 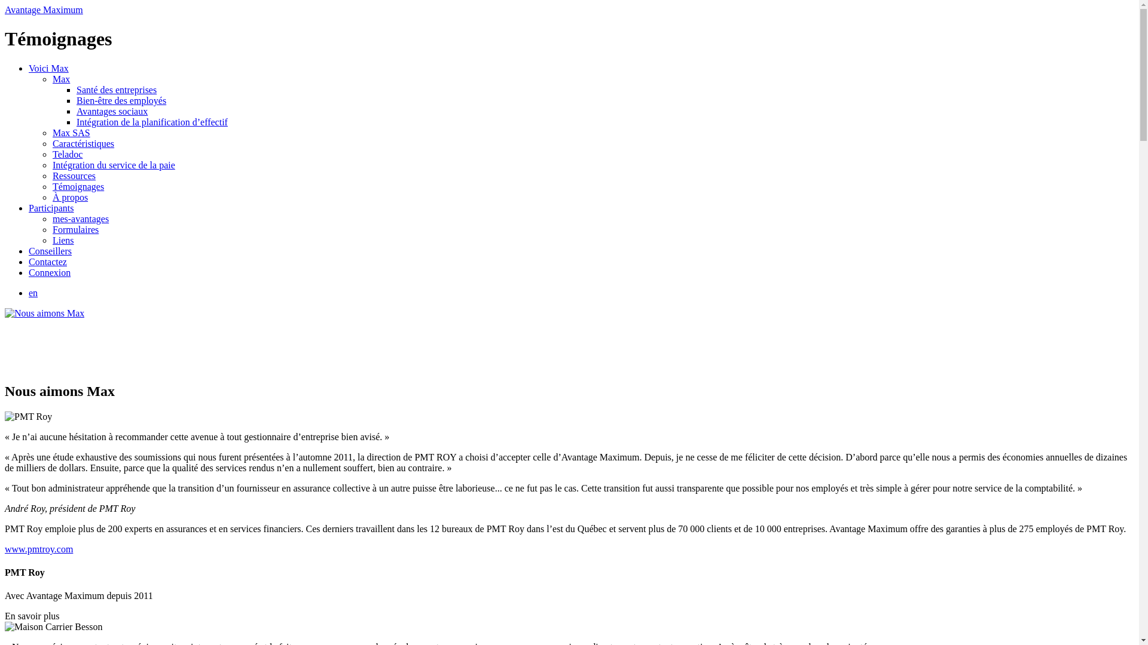 I want to click on 'en', so click(x=33, y=293).